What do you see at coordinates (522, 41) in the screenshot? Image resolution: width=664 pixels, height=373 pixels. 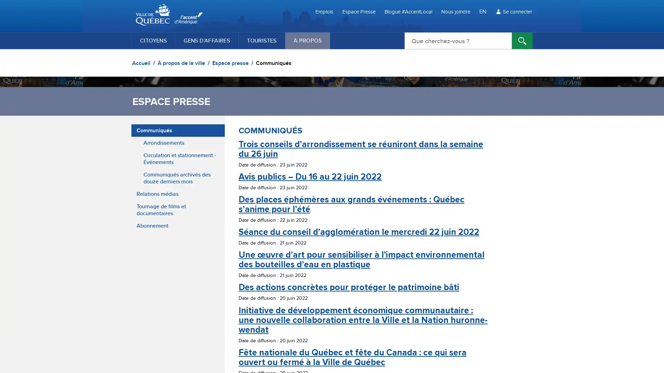 I see `Rechercher` at bounding box center [522, 41].